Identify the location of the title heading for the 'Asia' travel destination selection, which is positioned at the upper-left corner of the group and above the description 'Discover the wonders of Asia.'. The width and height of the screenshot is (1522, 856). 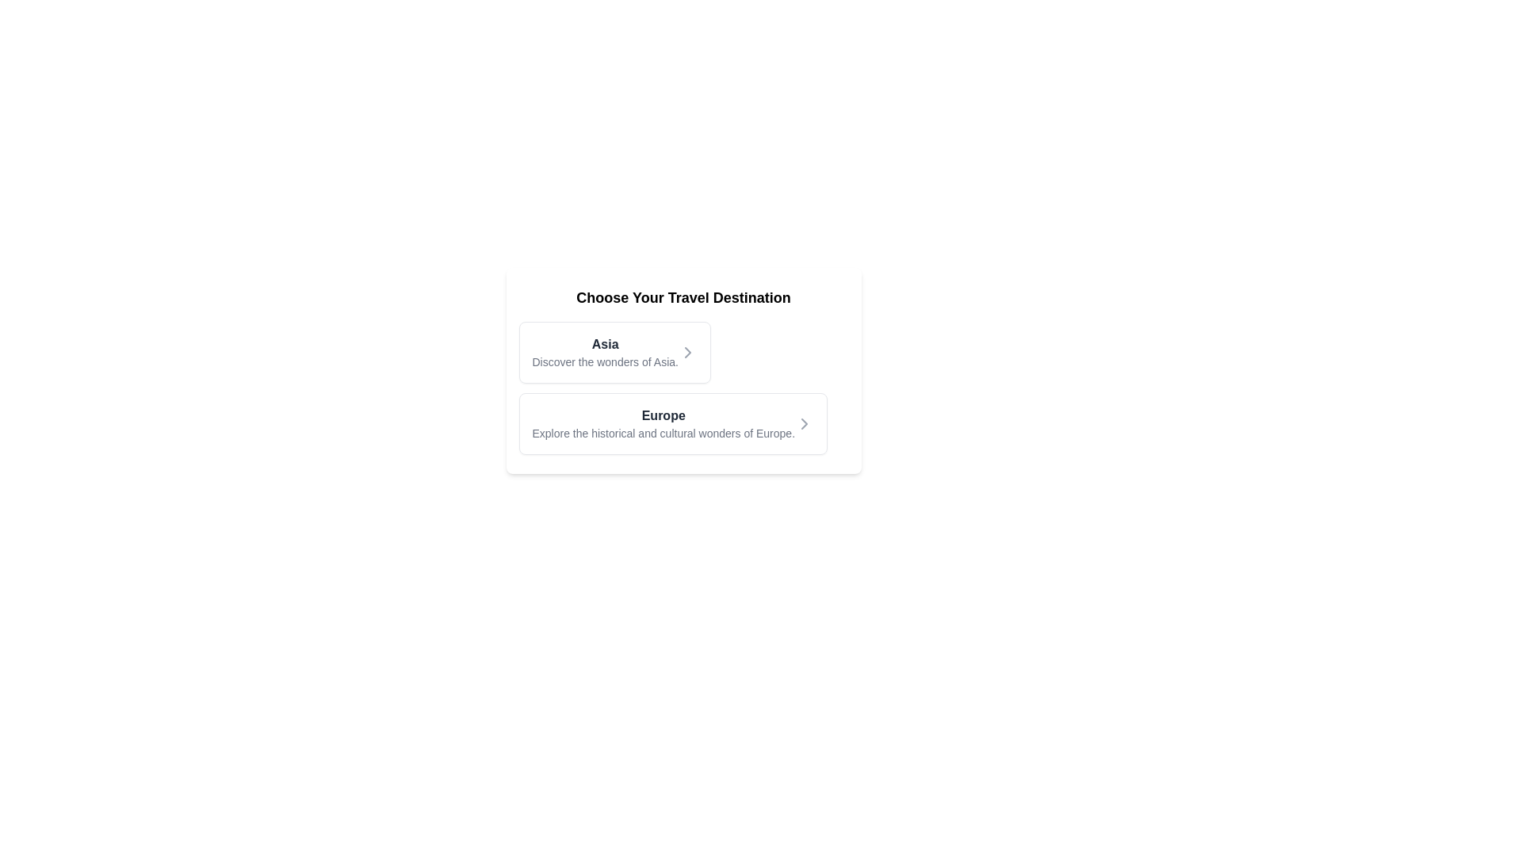
(604, 344).